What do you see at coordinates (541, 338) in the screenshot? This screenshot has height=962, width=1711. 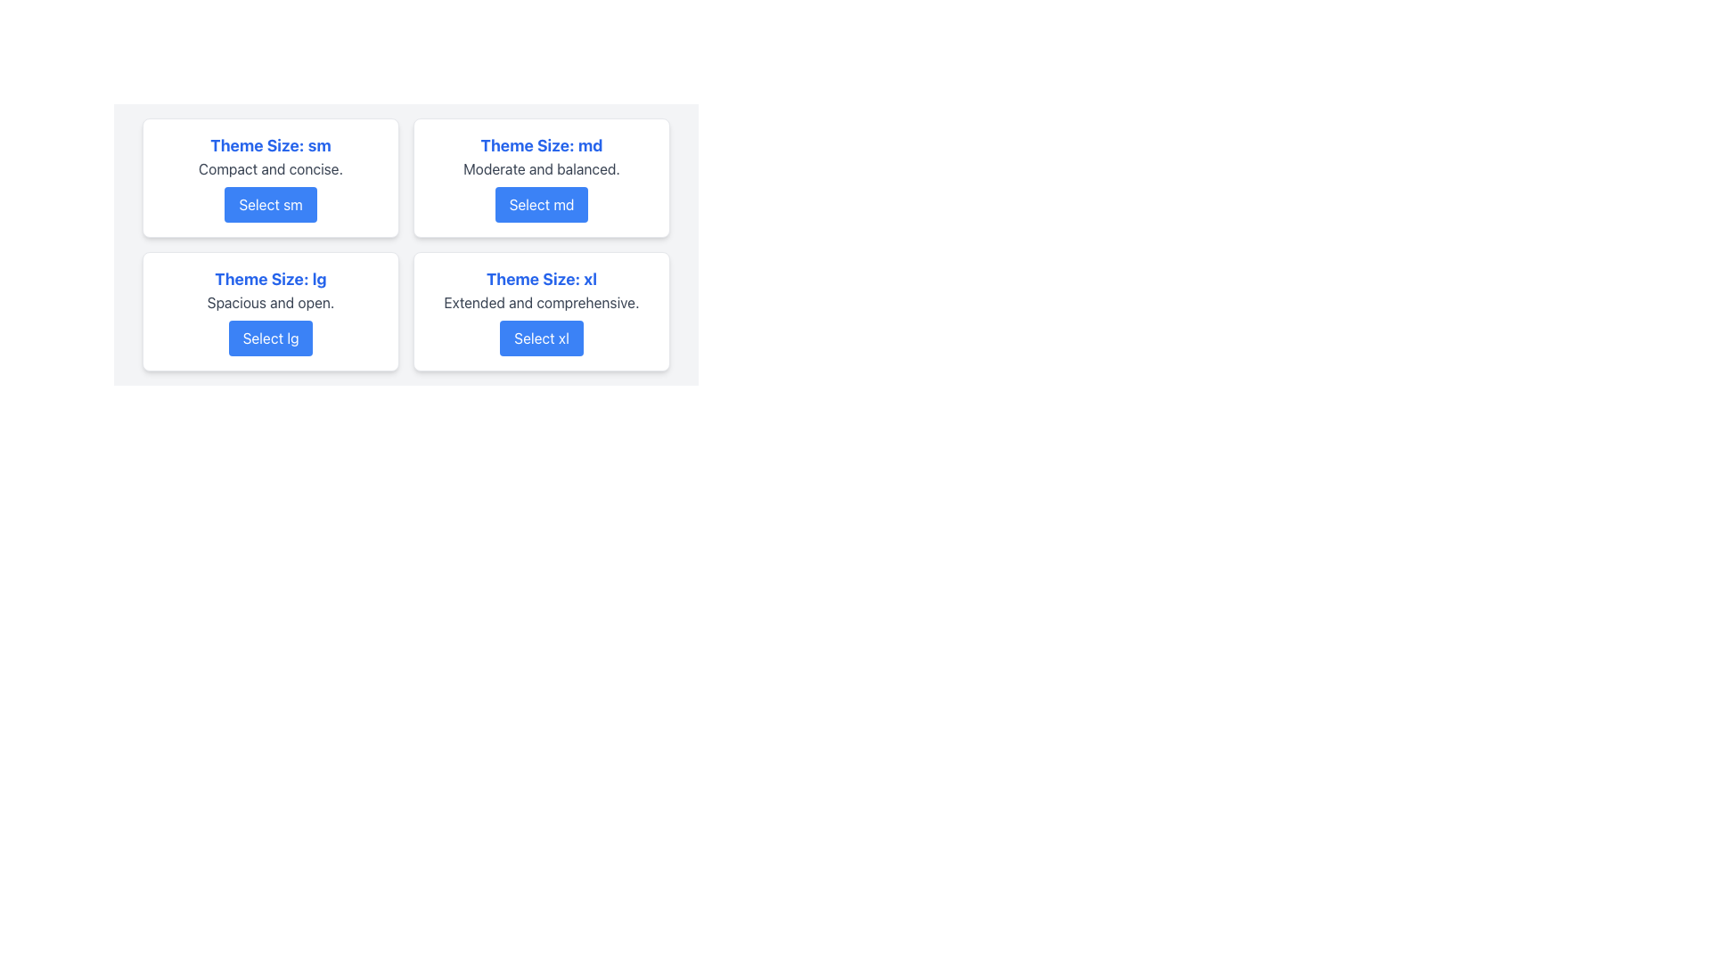 I see `the 'xl' theme size button located in the bottom-right quadrant of the grid layout` at bounding box center [541, 338].